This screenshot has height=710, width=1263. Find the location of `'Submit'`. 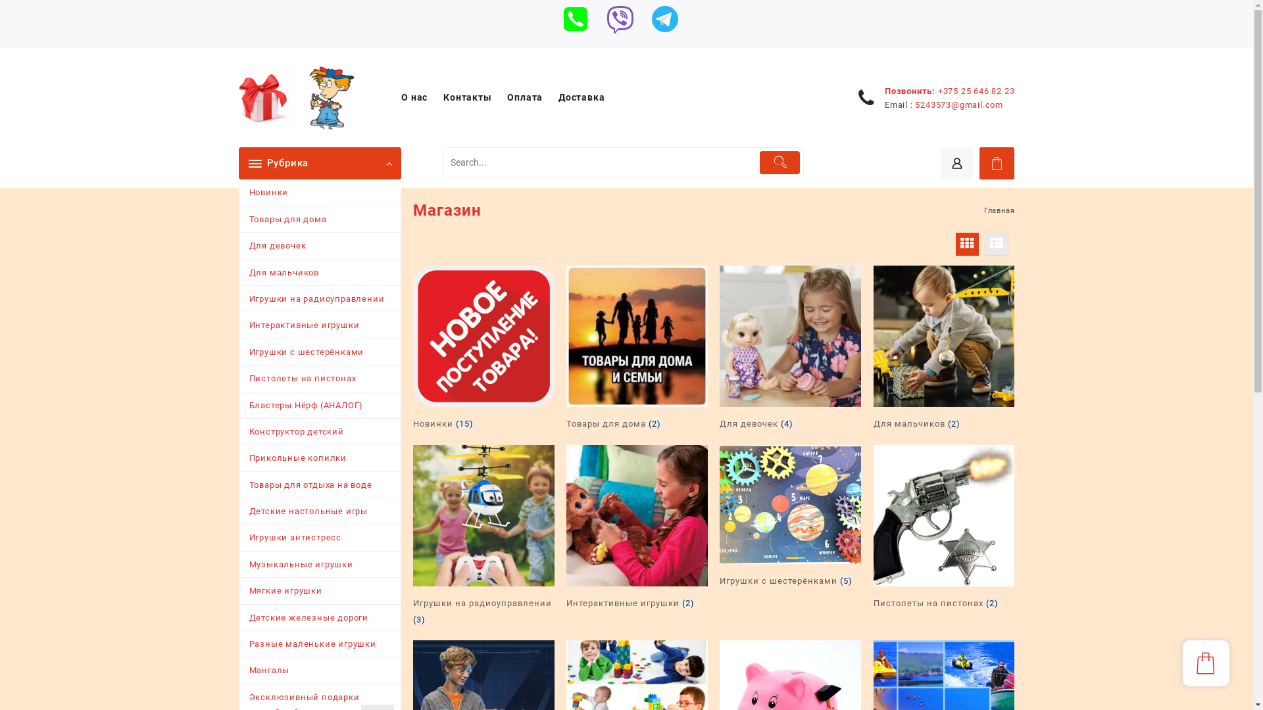

'Submit' is located at coordinates (780, 162).